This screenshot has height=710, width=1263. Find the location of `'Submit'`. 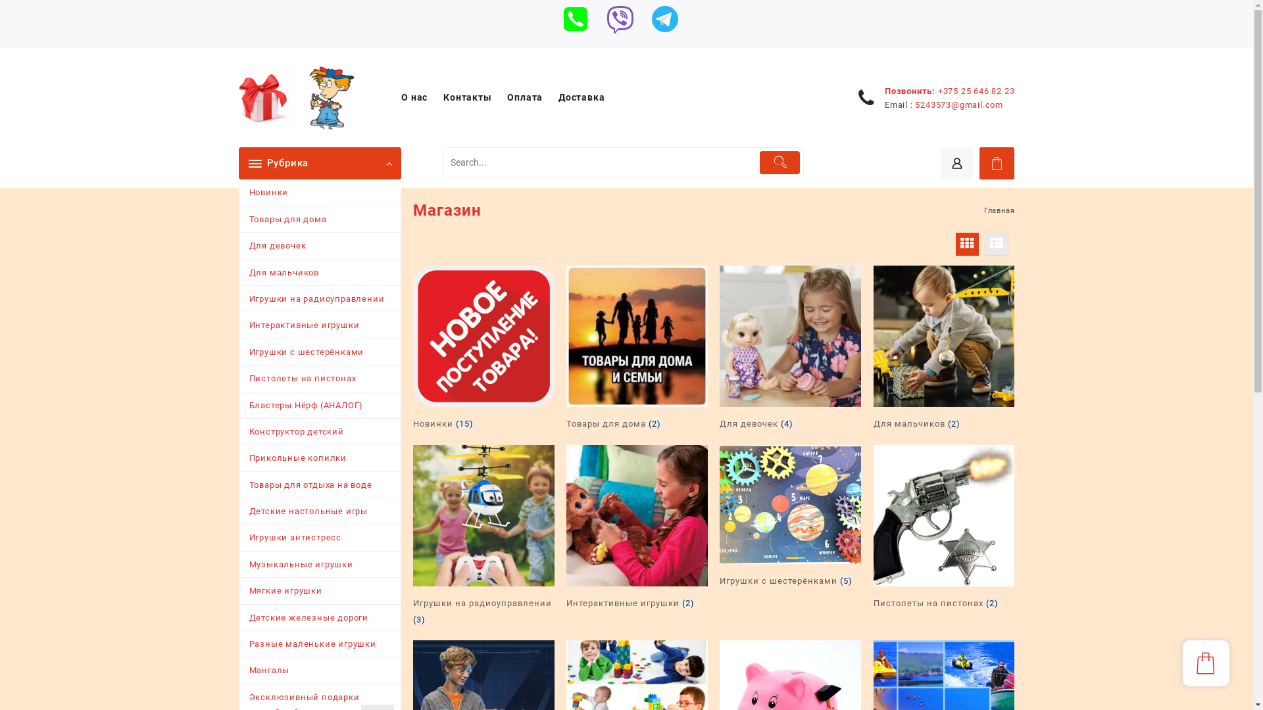

'Submit' is located at coordinates (780, 162).